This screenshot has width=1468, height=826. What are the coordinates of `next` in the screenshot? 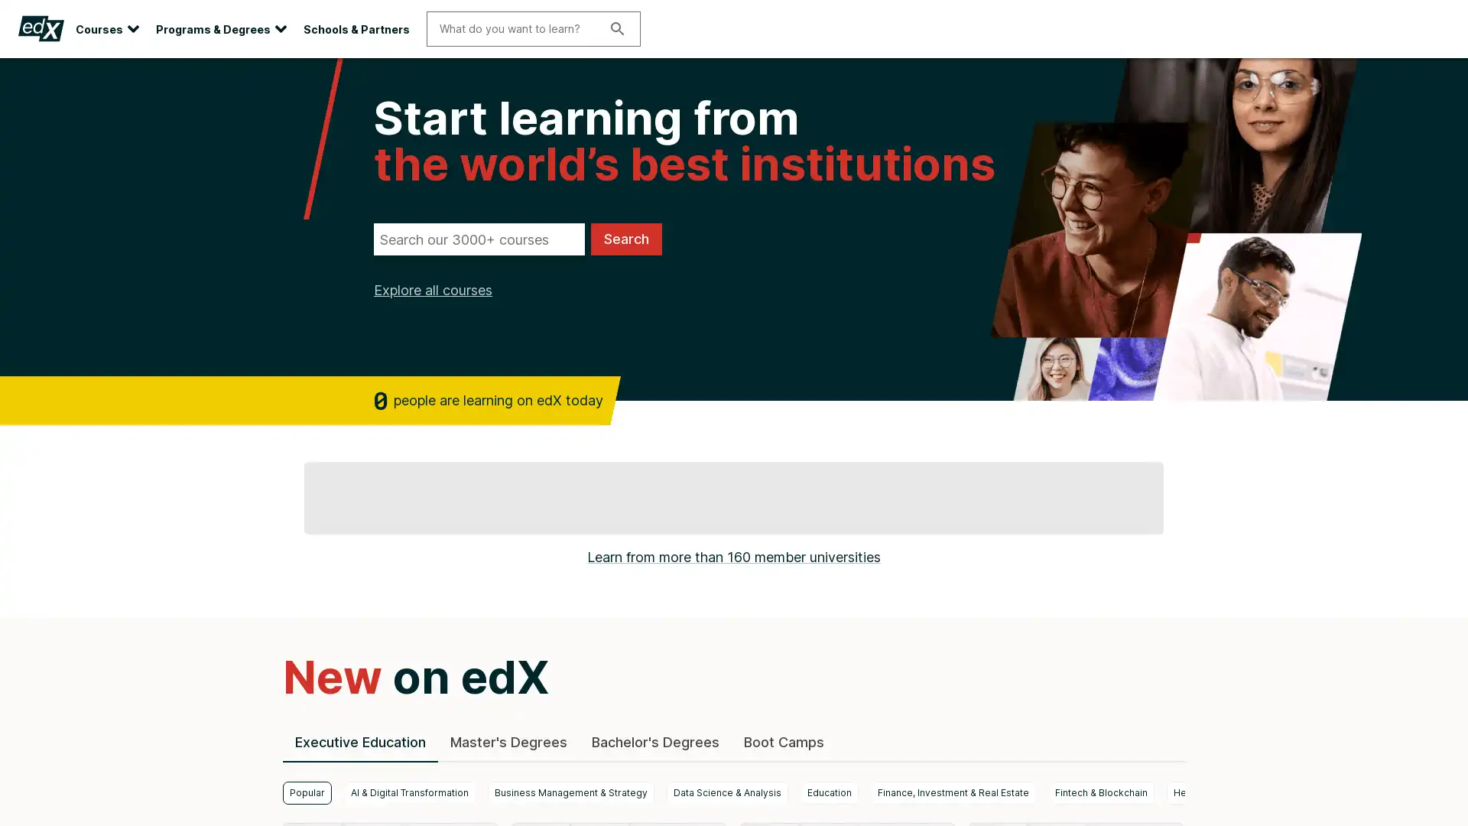 It's located at (1178, 522).